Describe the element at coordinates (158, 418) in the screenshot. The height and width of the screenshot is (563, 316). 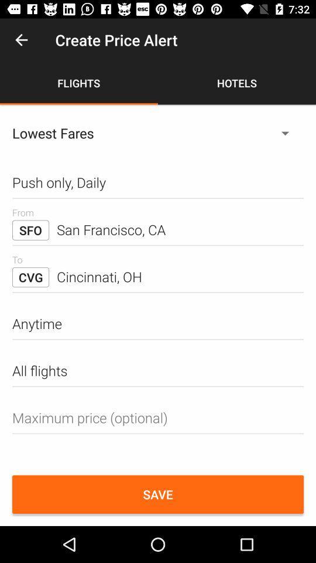
I see `fill the maximum price` at that location.